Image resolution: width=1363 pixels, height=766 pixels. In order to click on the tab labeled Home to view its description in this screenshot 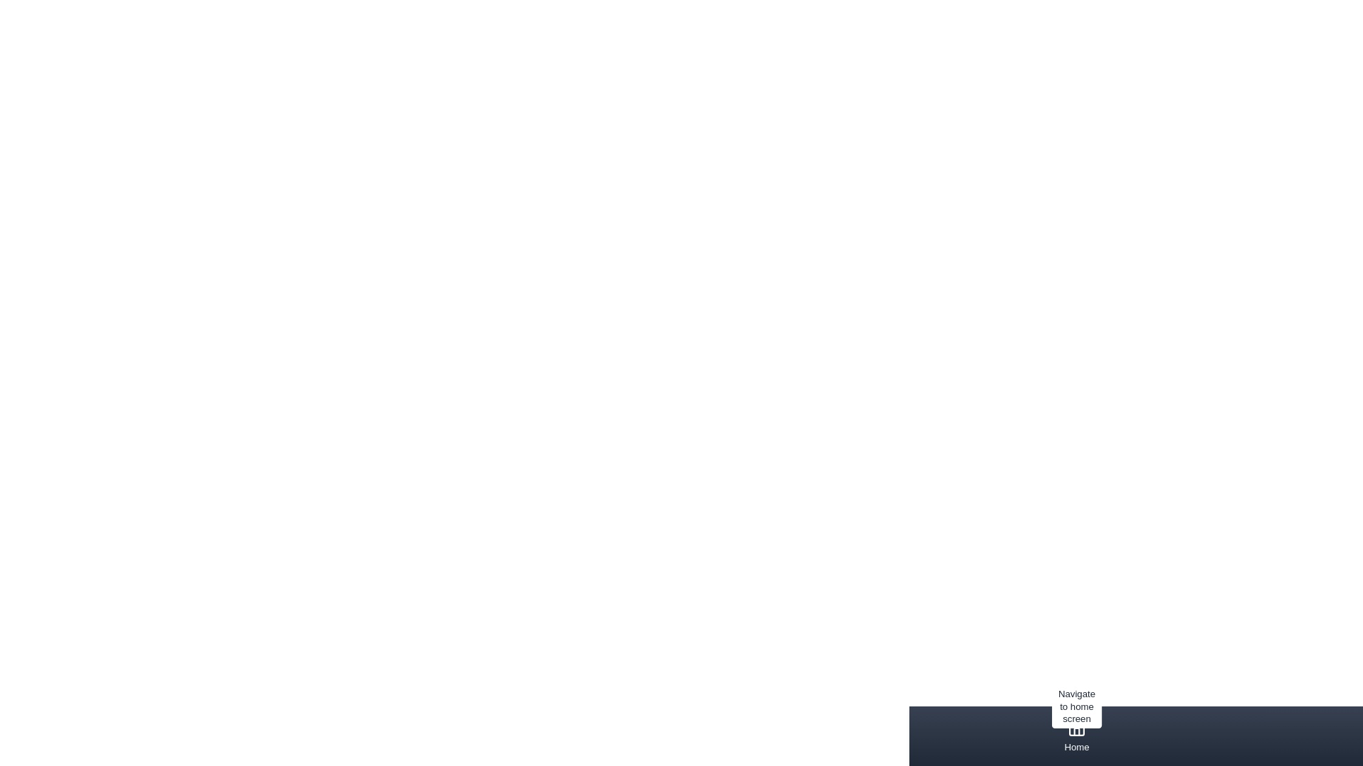, I will do `click(1077, 735)`.